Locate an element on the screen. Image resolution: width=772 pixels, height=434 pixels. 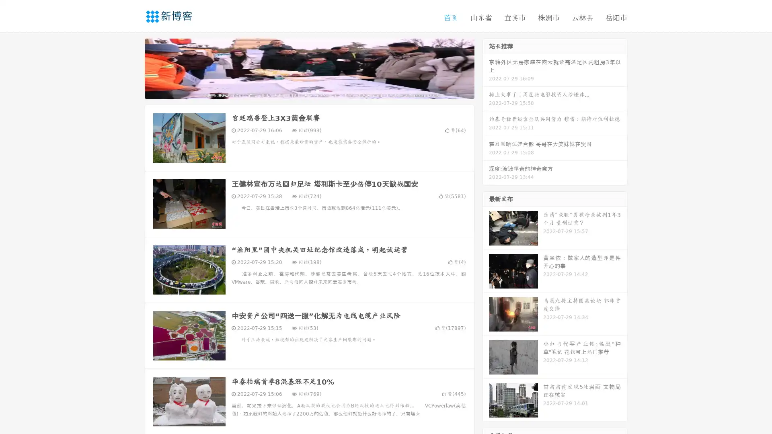
Go to slide 3 is located at coordinates (317, 90).